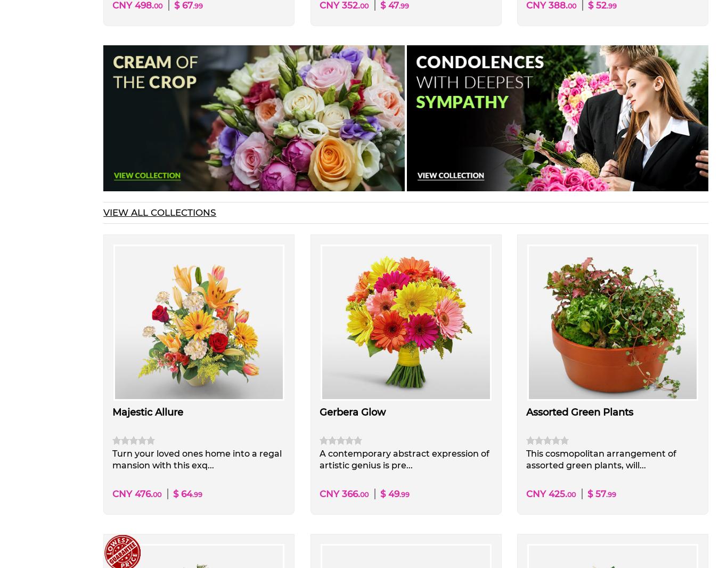 The height and width of the screenshot is (568, 719). Describe the element at coordinates (379, 493) in the screenshot. I see `'$ 49'` at that location.